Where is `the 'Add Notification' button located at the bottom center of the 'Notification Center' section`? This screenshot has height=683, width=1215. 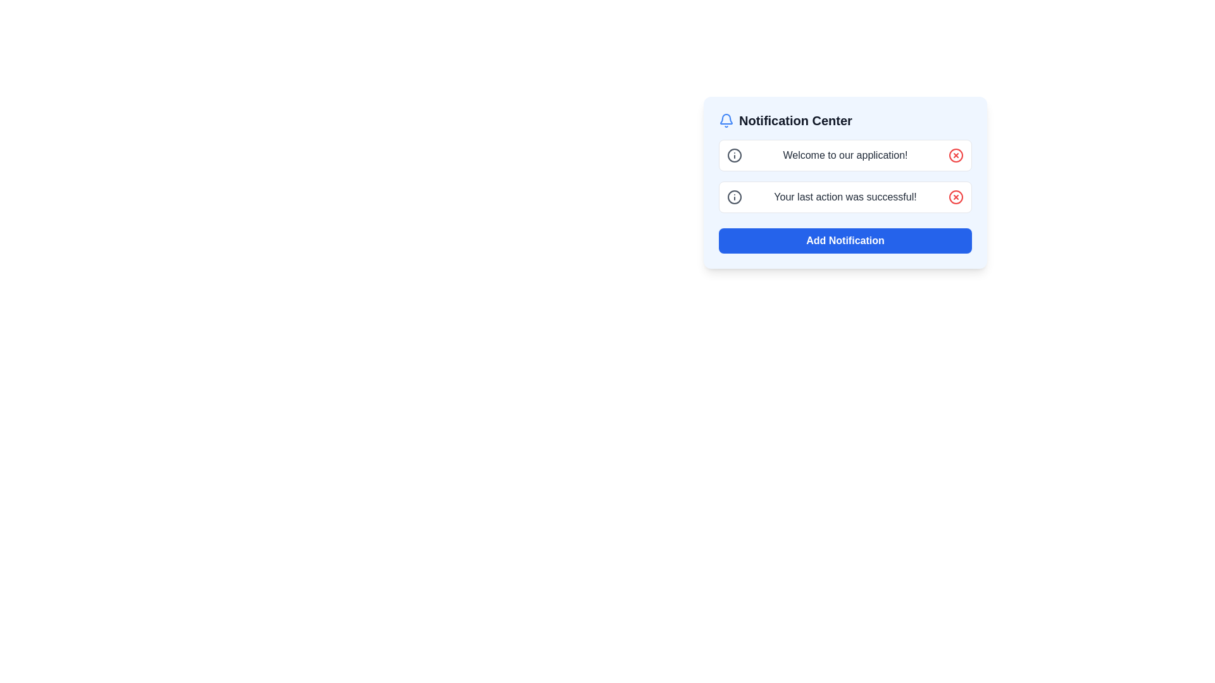 the 'Add Notification' button located at the bottom center of the 'Notification Center' section is located at coordinates (845, 235).